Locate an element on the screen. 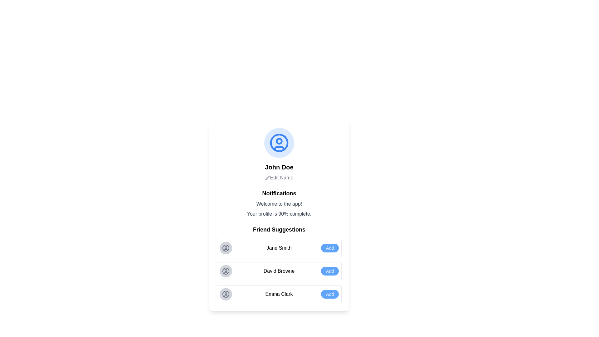 This screenshot has width=599, height=337. the user profile icon with a gray stroke representing 'David Browne' in the 'Friend Suggestions' section is located at coordinates (226, 271).